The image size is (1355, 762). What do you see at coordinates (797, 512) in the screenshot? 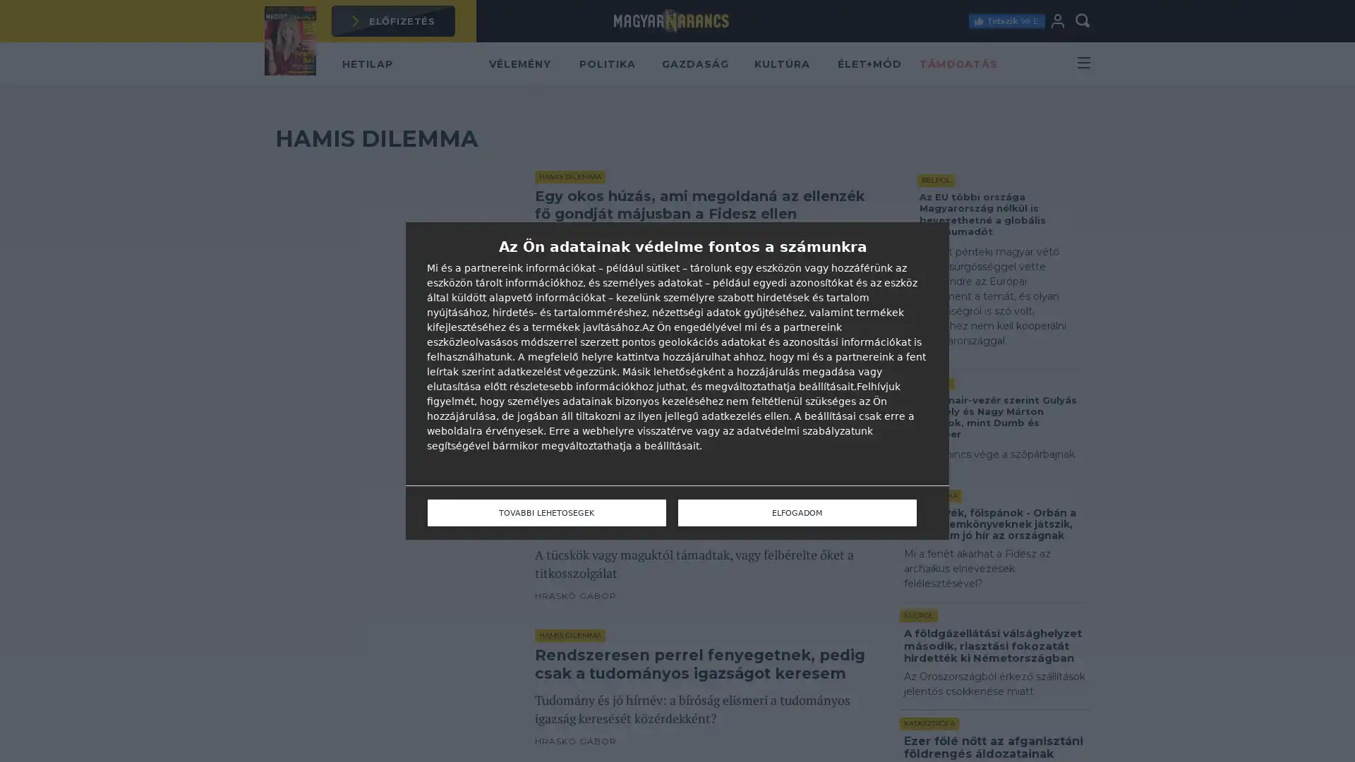
I see `ELFOGADOM` at bounding box center [797, 512].